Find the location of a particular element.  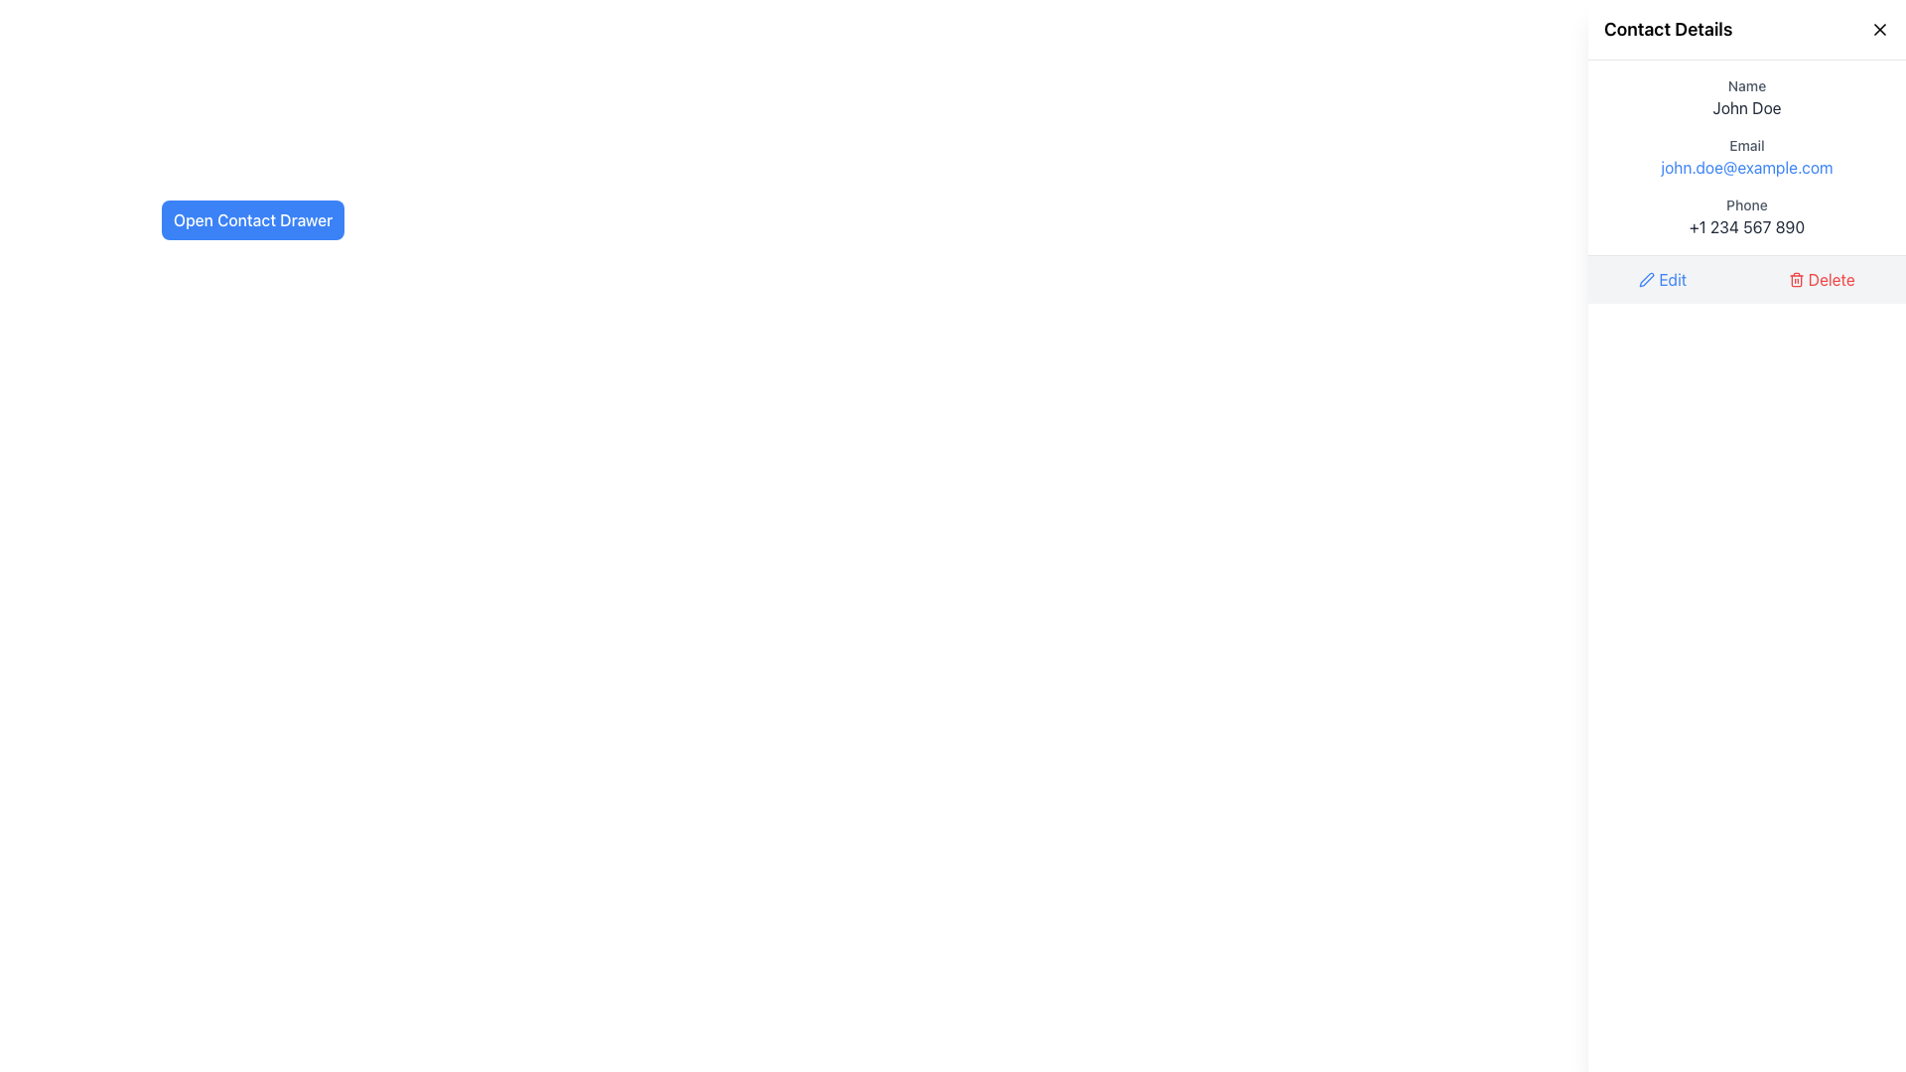

the text label that serves as the heading for the contact's name, located above 'John Doe' in the contact details card is located at coordinates (1747, 85).